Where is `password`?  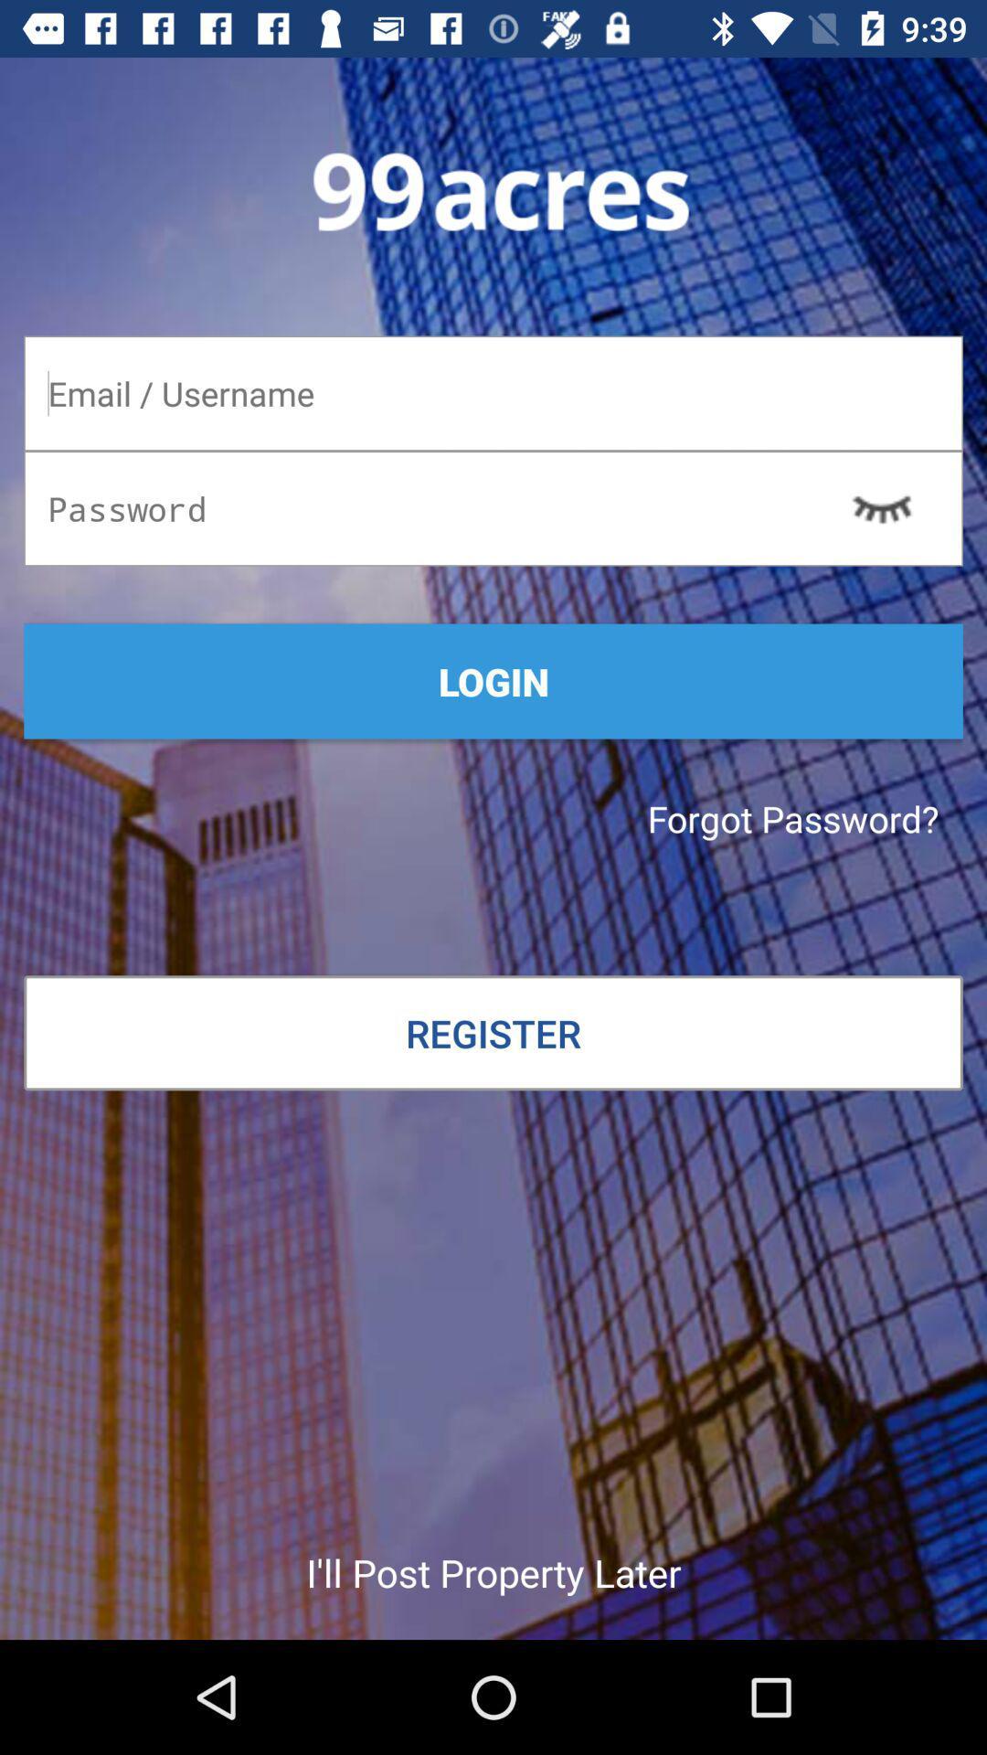 password is located at coordinates (493, 508).